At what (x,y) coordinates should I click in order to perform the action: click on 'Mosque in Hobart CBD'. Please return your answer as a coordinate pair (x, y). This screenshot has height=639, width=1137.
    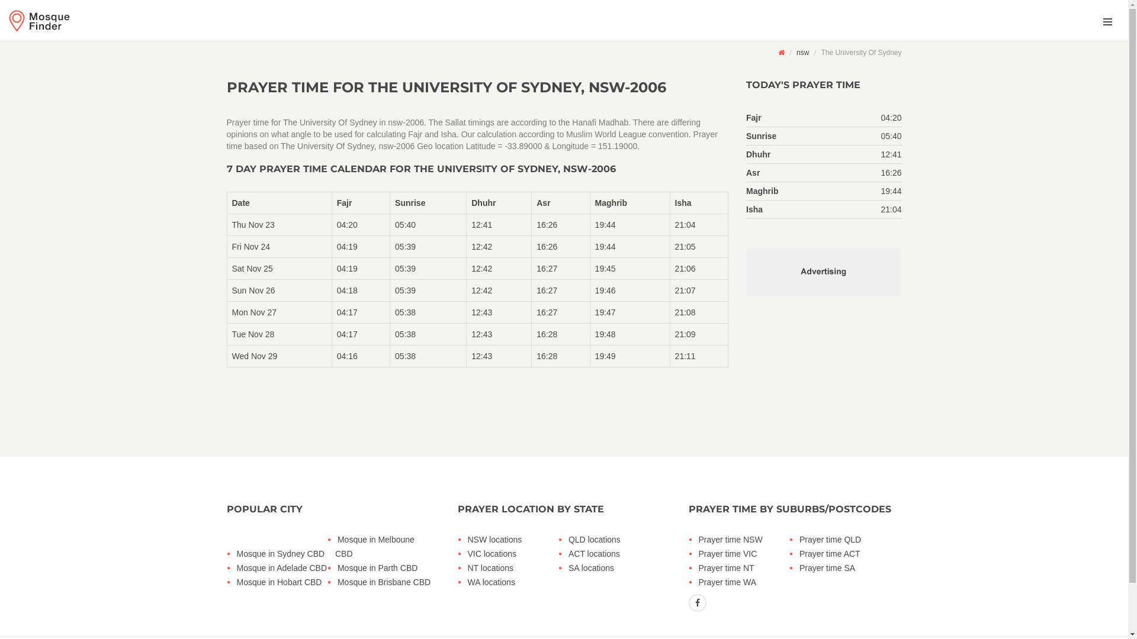
    Looking at the image, I should click on (283, 581).